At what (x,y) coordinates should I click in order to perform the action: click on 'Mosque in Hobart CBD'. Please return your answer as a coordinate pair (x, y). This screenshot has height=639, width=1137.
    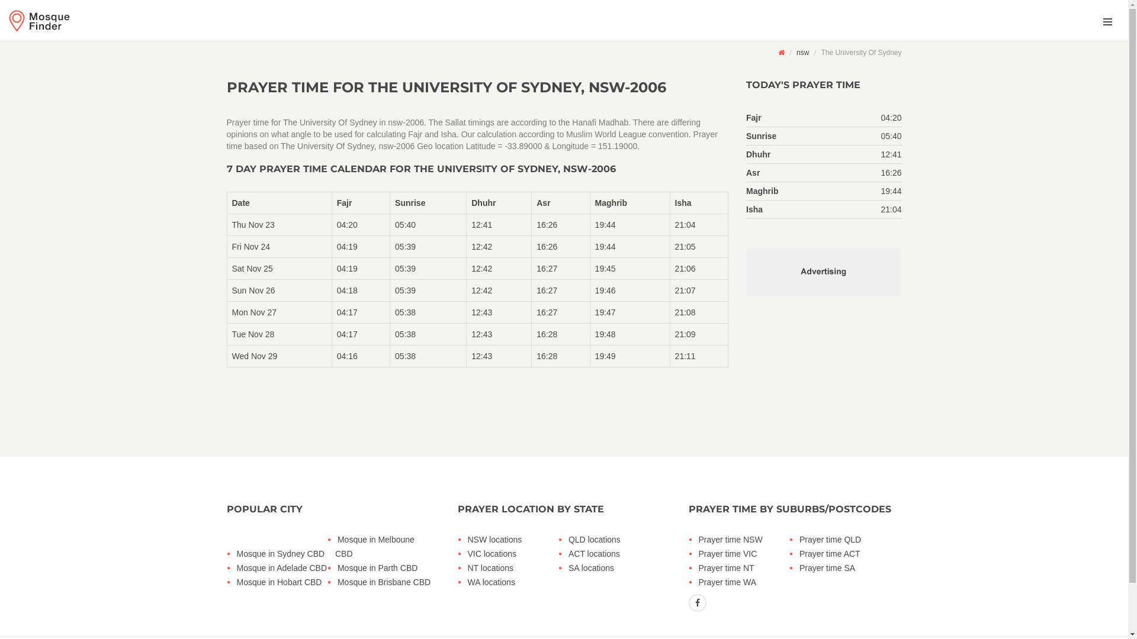
    Looking at the image, I should click on (283, 581).